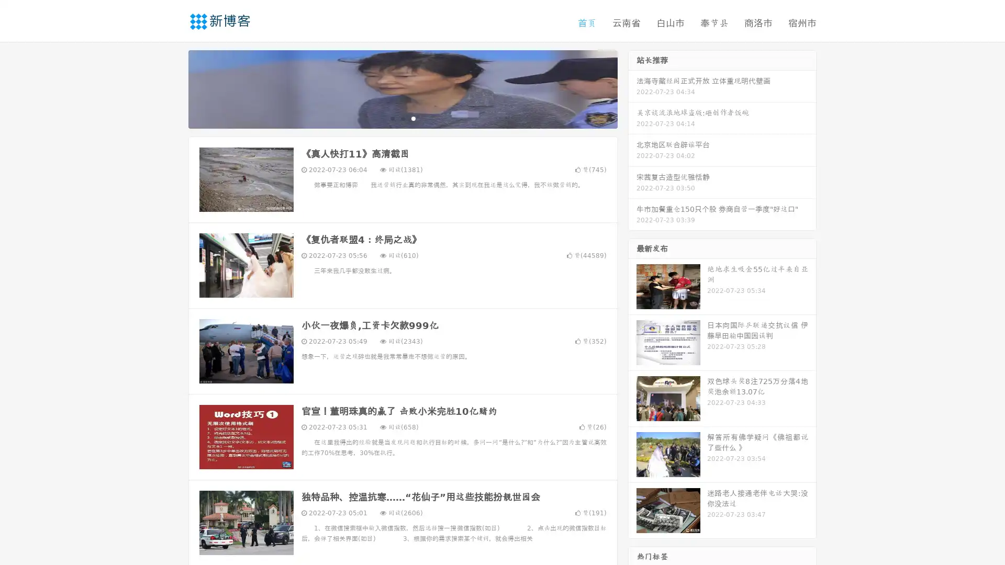 The image size is (1005, 565). What do you see at coordinates (632, 88) in the screenshot?
I see `Next slide` at bounding box center [632, 88].